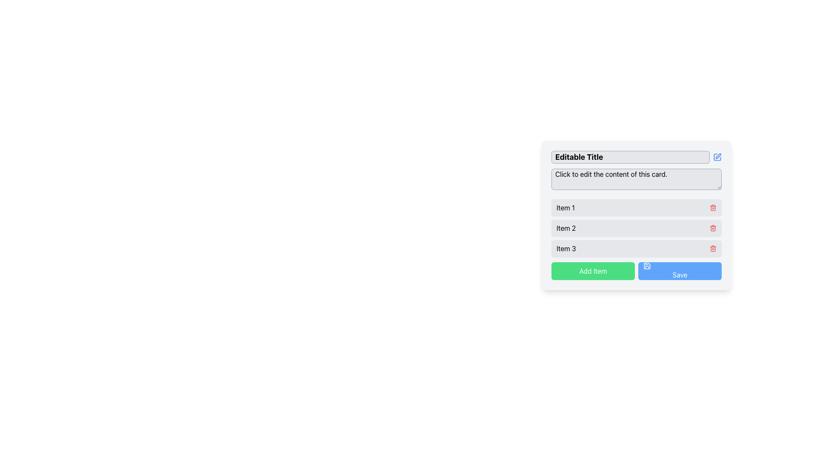 Image resolution: width=817 pixels, height=459 pixels. I want to click on the green 'Add Item' button, which has rounded corners and is the first button in a horizontal group at the bottom of a card-like layout, so click(592, 271).